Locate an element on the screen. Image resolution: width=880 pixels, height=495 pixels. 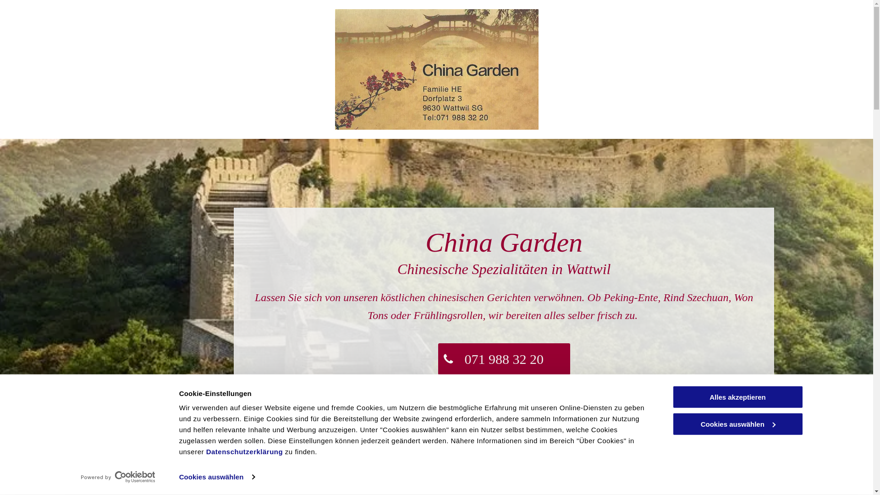
'Alles akzeptieren' is located at coordinates (737, 396).